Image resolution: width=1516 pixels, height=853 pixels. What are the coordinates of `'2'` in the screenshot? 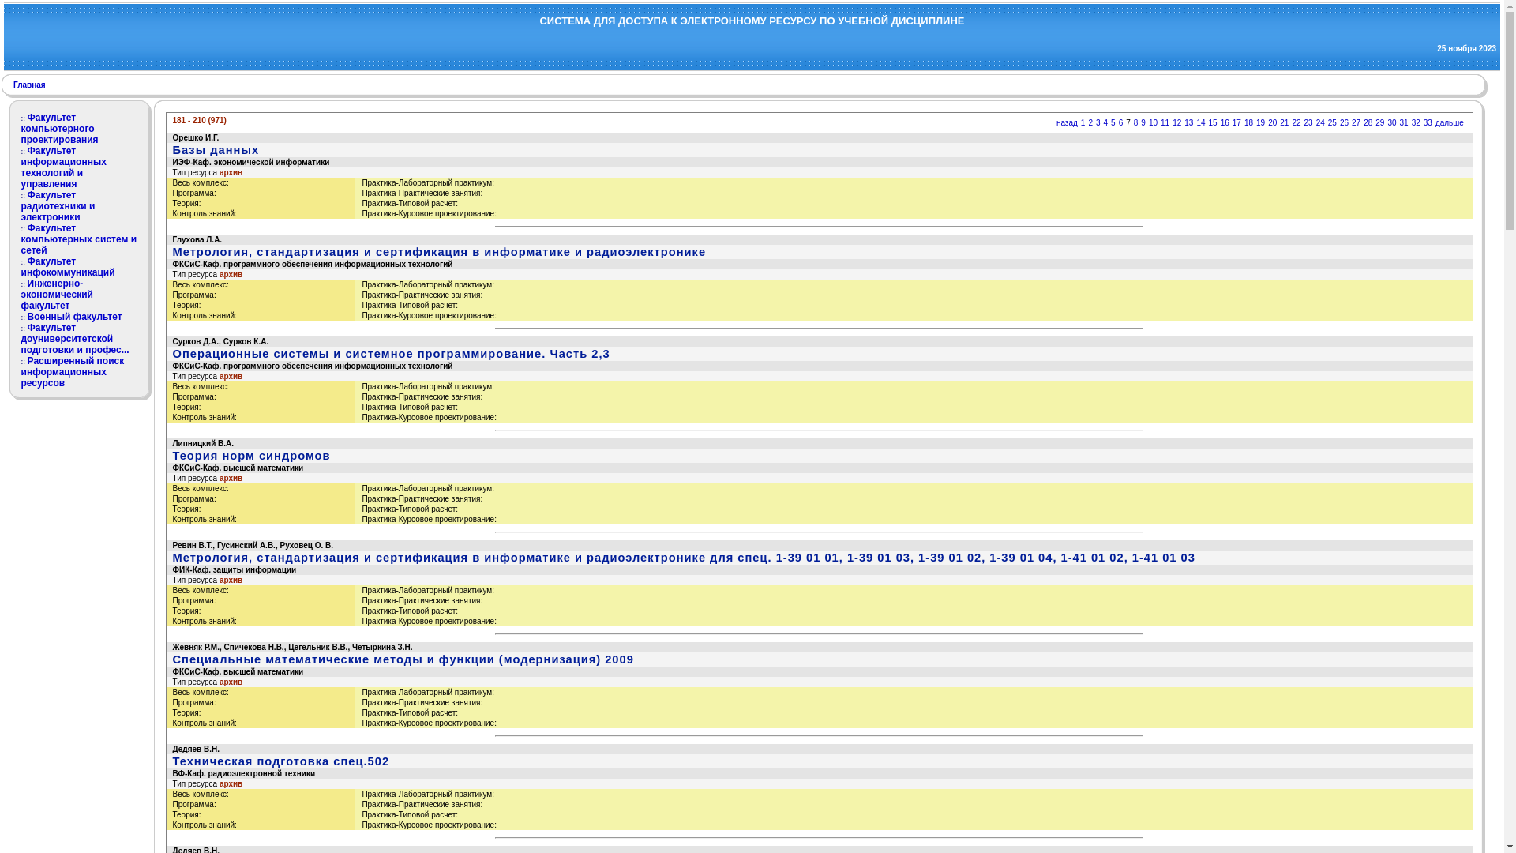 It's located at (1090, 122).